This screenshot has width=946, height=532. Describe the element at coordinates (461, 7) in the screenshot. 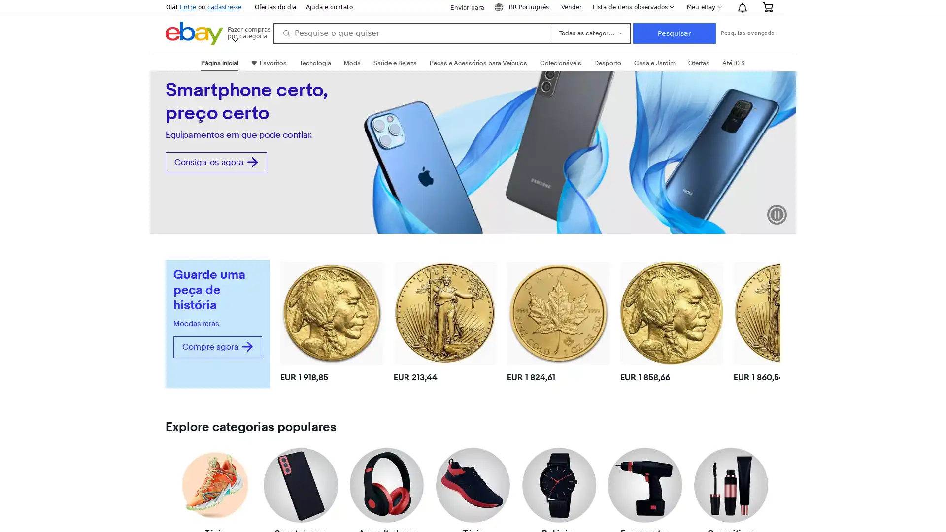

I see `Enviar para` at that location.